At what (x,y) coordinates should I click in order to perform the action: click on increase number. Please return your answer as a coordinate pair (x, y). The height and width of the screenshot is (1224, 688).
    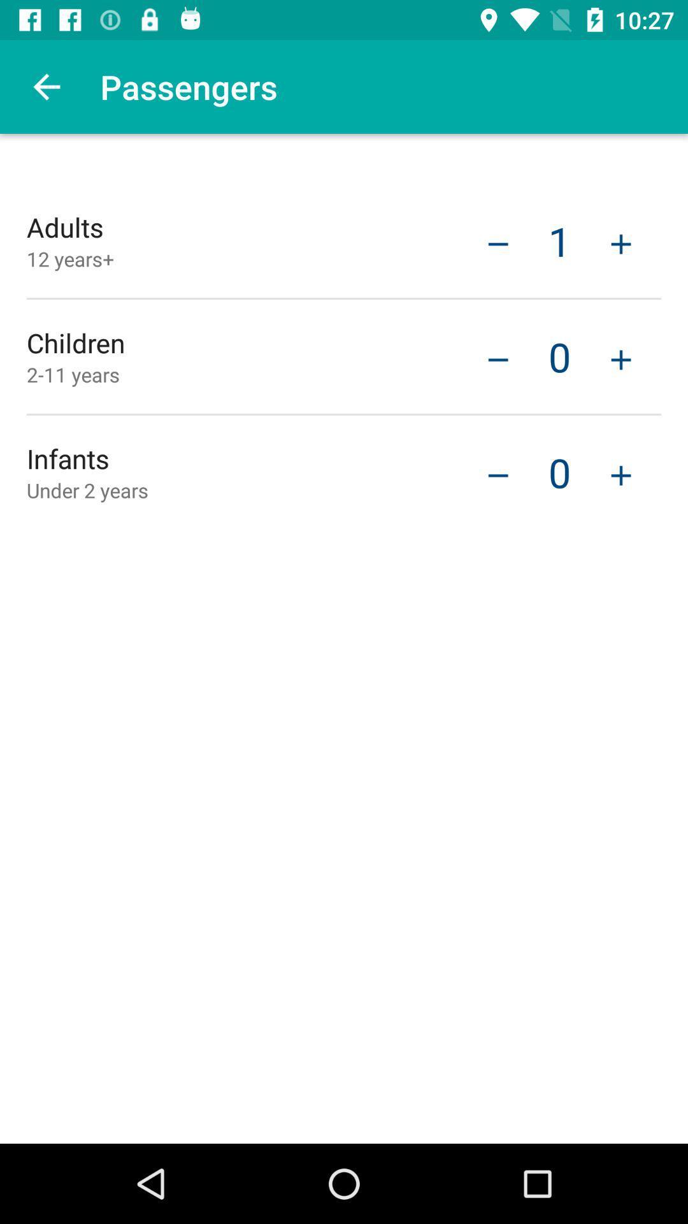
    Looking at the image, I should click on (620, 473).